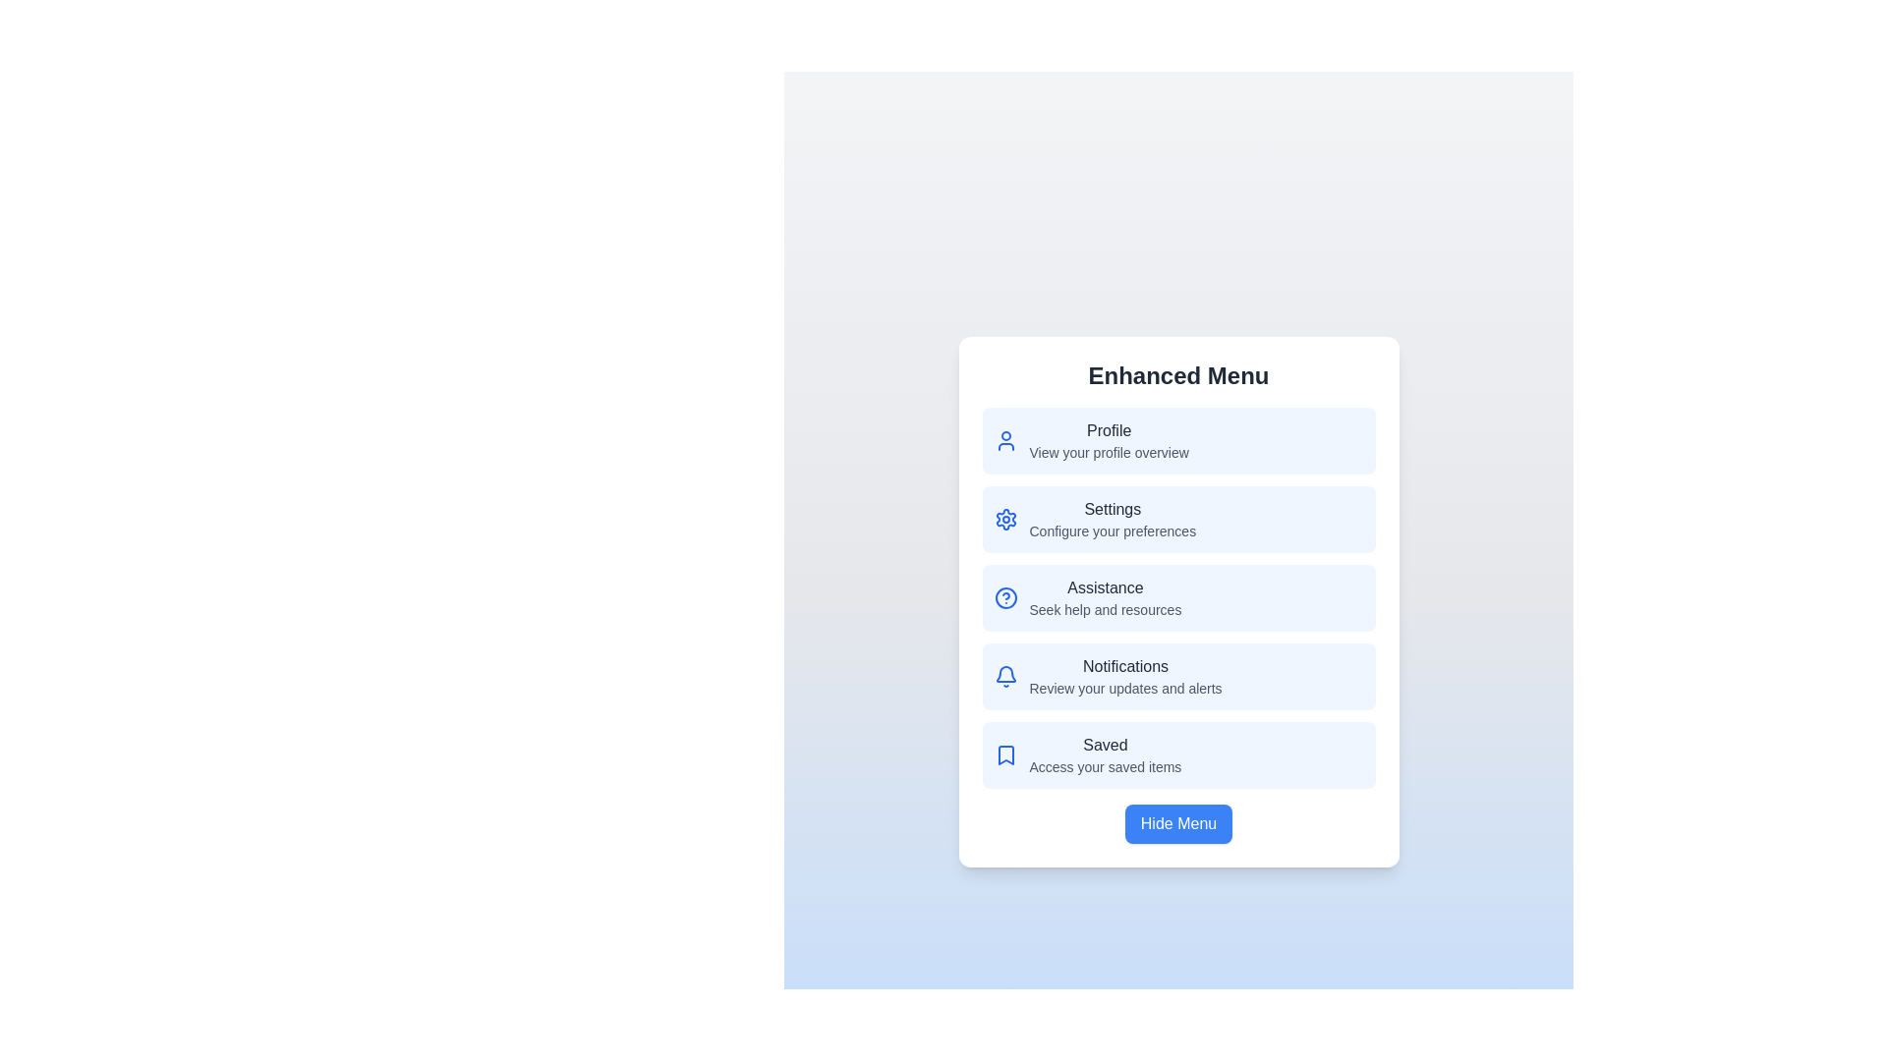 This screenshot has width=1887, height=1061. What do you see at coordinates (1178, 597) in the screenshot?
I see `the menu option Assistance to view its details` at bounding box center [1178, 597].